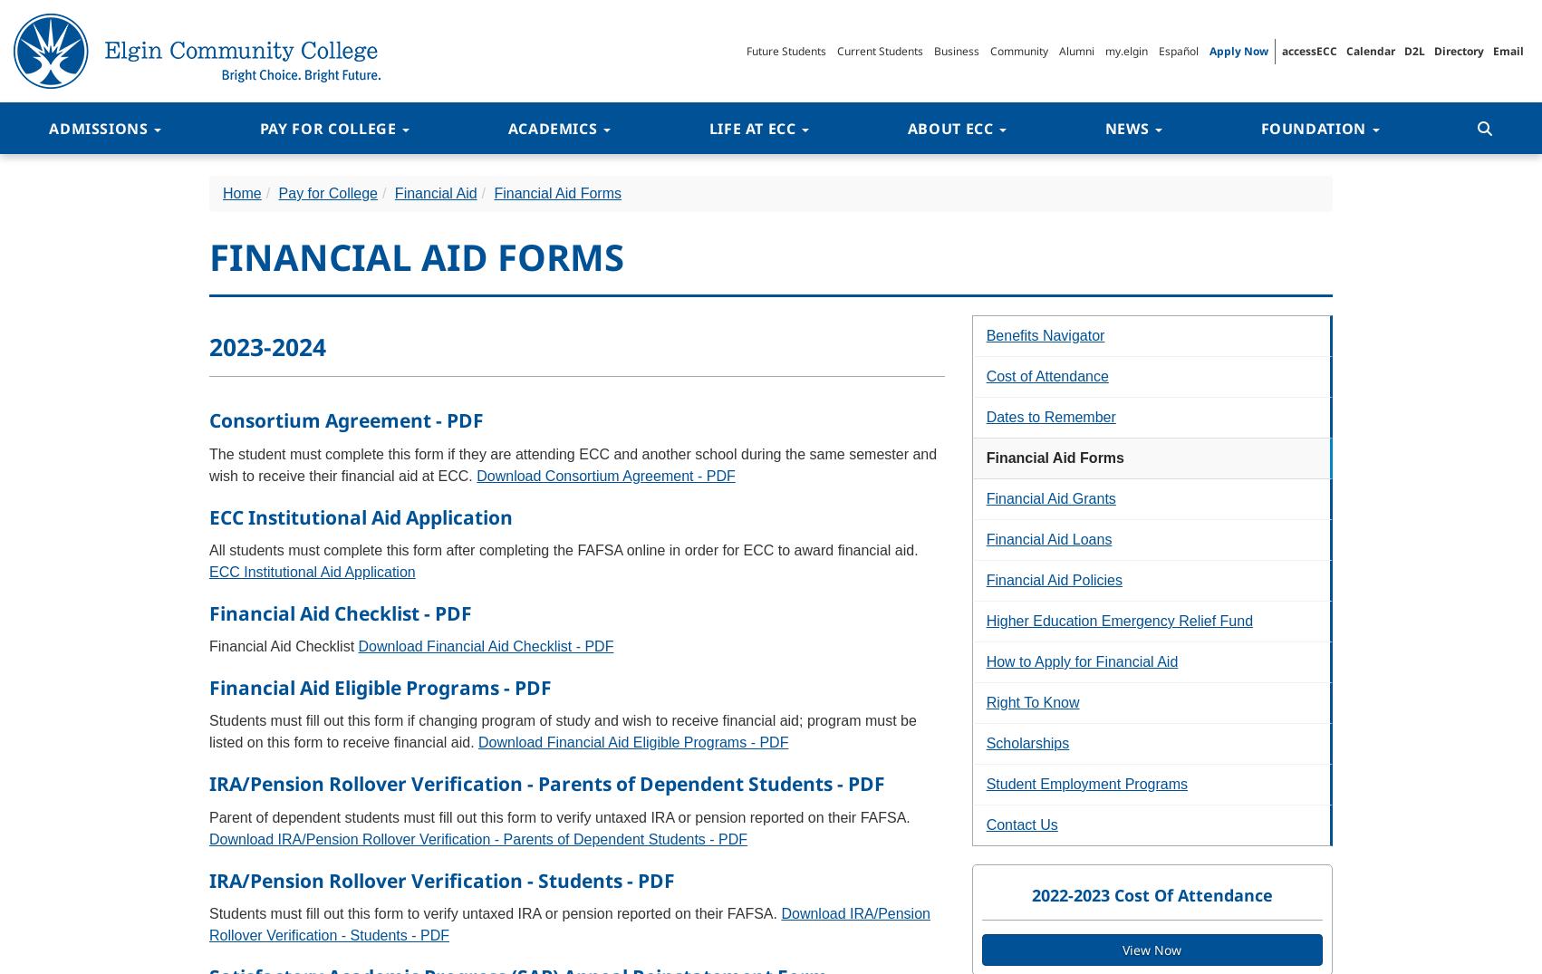 The image size is (1542, 974). Describe the element at coordinates (1103, 128) in the screenshot. I see `'News'` at that location.